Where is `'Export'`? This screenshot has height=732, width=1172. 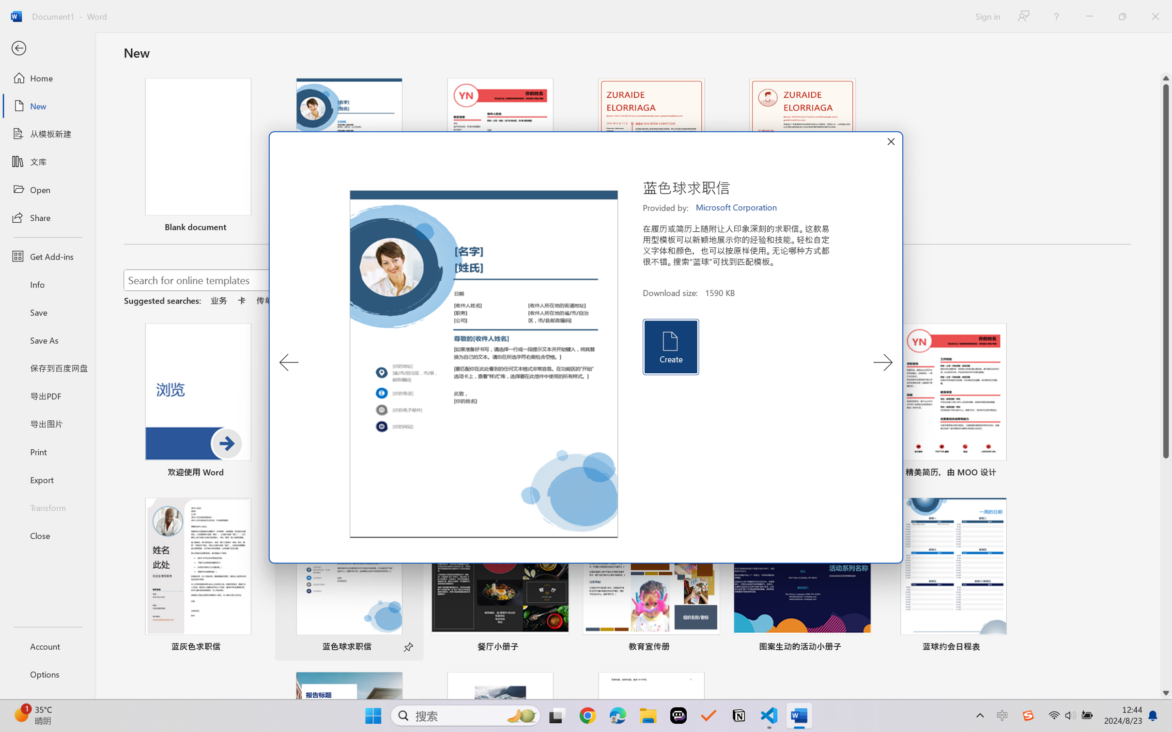 'Export' is located at coordinates (47, 479).